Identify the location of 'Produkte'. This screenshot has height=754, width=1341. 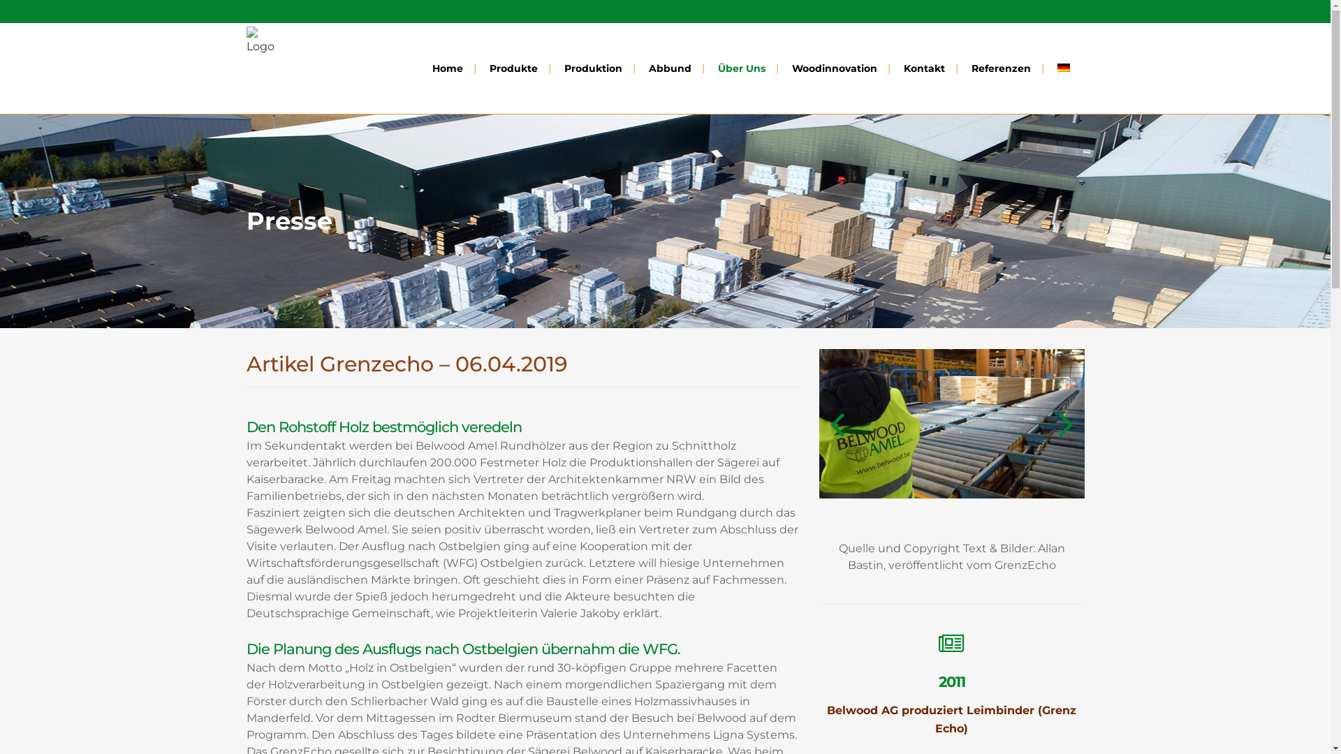
(513, 68).